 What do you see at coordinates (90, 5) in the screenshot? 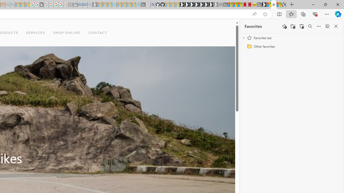
I see `'Bing Real Estate - Home sales and rental listings - Sleeping'` at bounding box center [90, 5].